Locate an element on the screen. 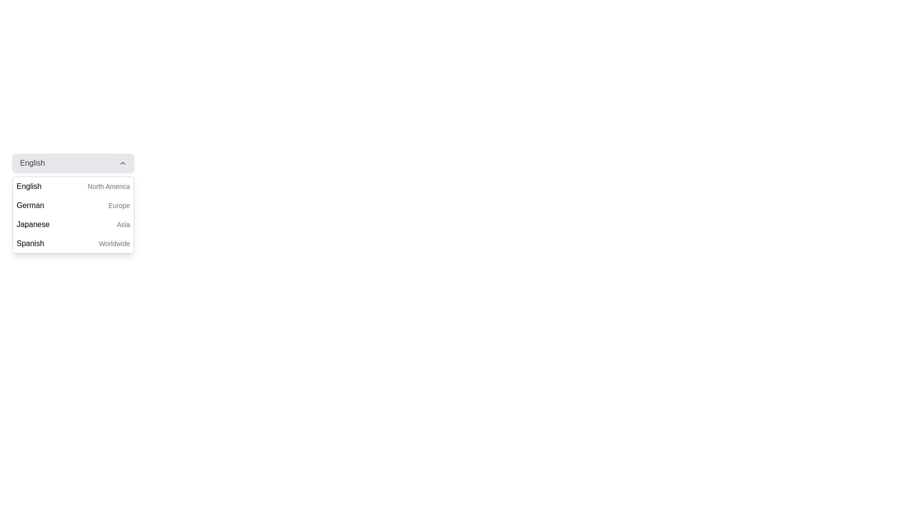 This screenshot has height=514, width=914. text displayed on the 'Spanish' language label located in the language selection dropdown menu is located at coordinates (30, 243).